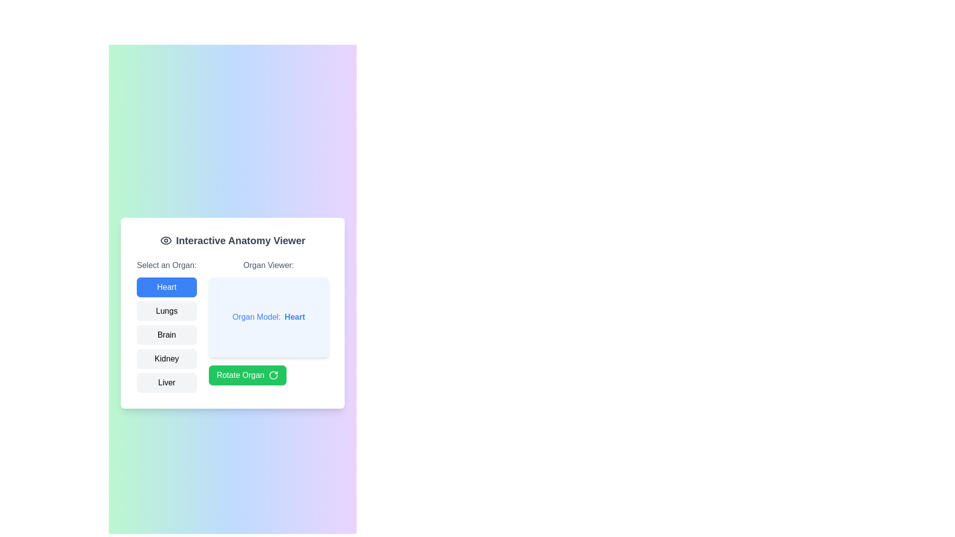  I want to click on the 'Brain' option in the vertical menu titled 'Select an Organ', which is the third selectable item located between 'Lungs' and 'Kidney', so click(167, 326).